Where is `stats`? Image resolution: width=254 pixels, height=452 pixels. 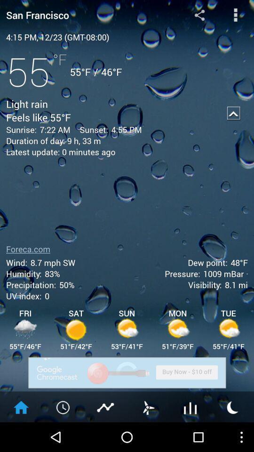 stats is located at coordinates (105, 406).